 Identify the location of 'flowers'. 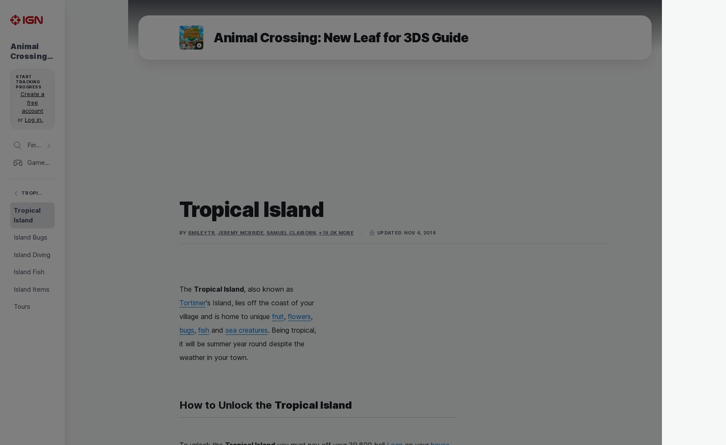
(288, 316).